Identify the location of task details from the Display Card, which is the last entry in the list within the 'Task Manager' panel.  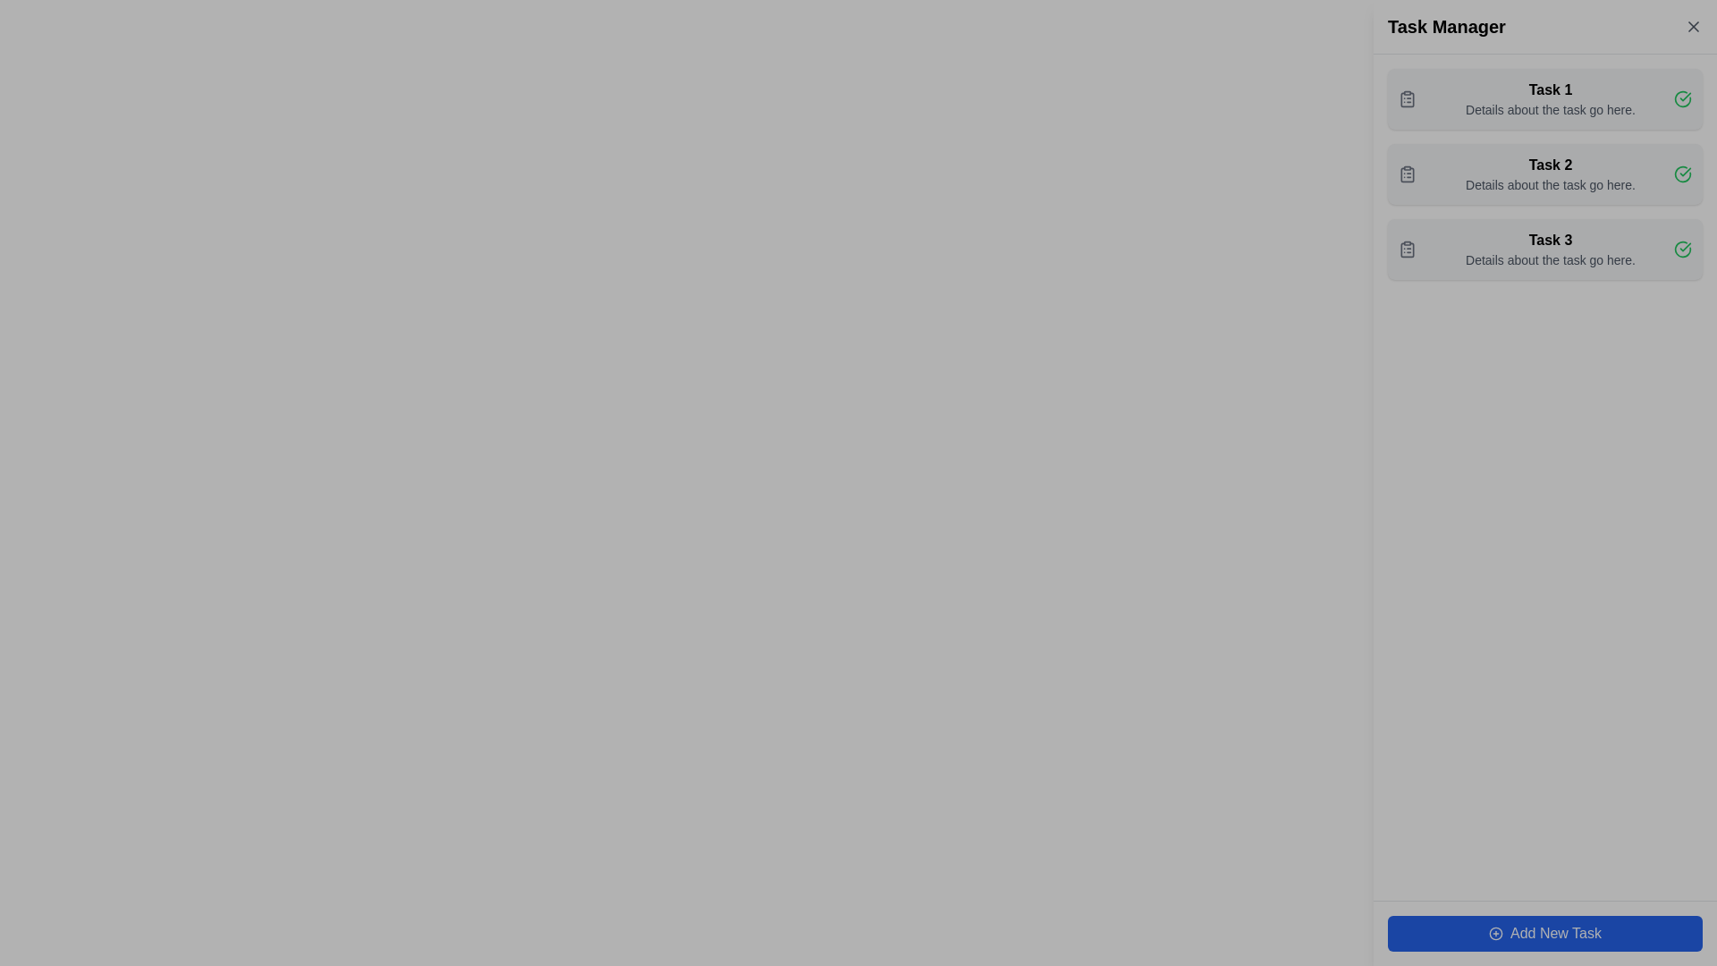
(1544, 249).